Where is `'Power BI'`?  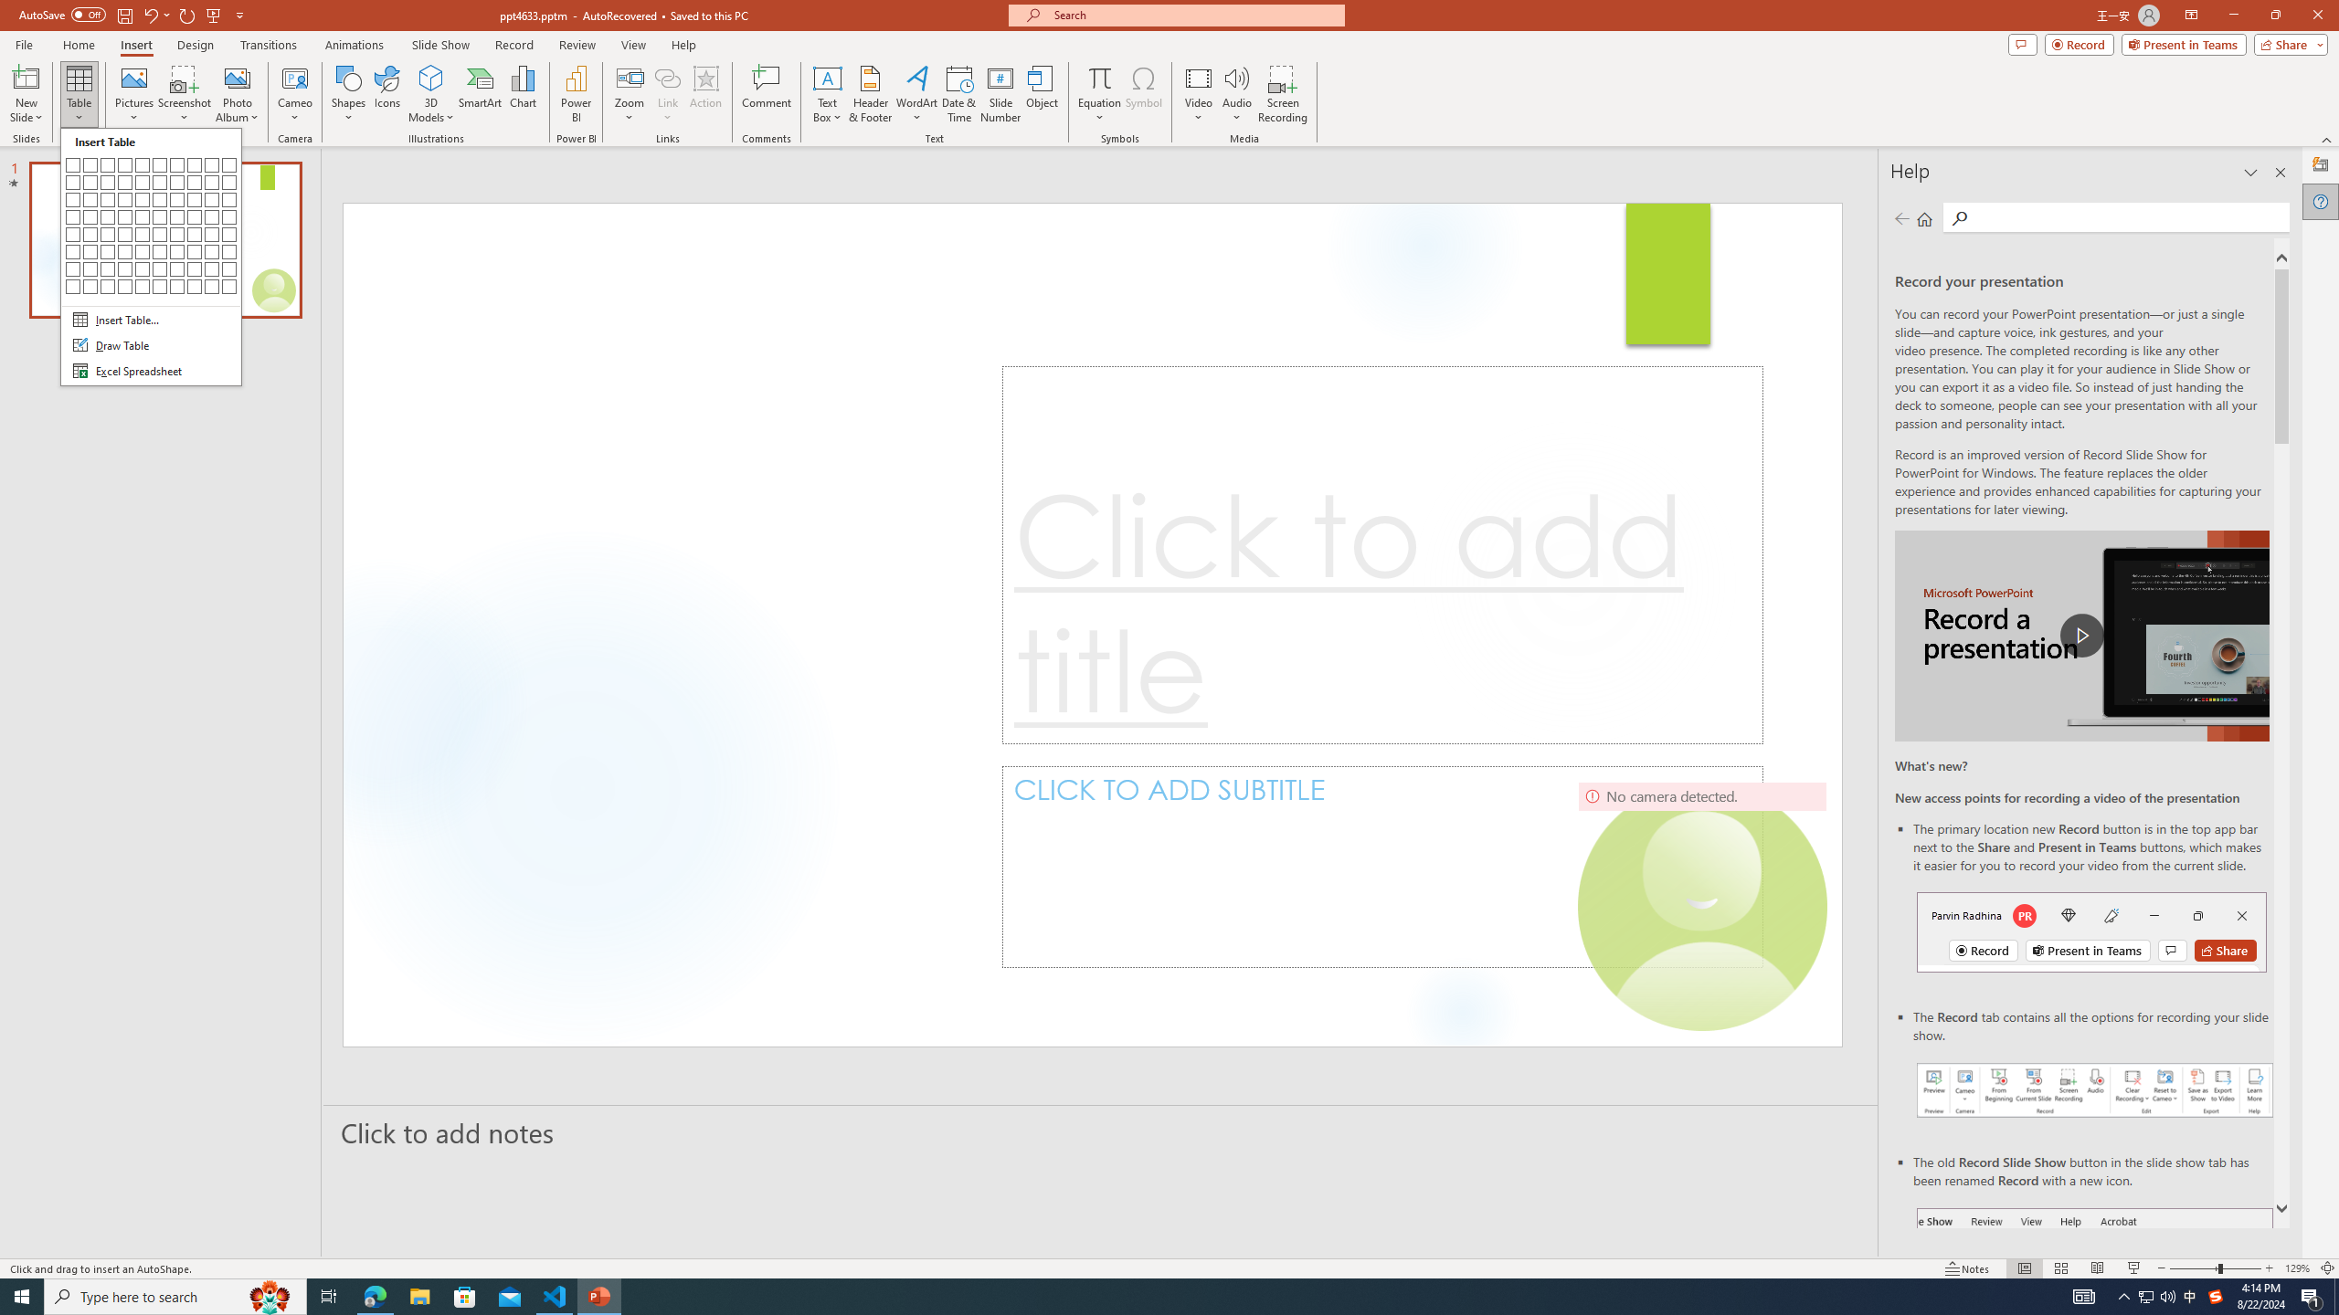 'Power BI' is located at coordinates (577, 94).